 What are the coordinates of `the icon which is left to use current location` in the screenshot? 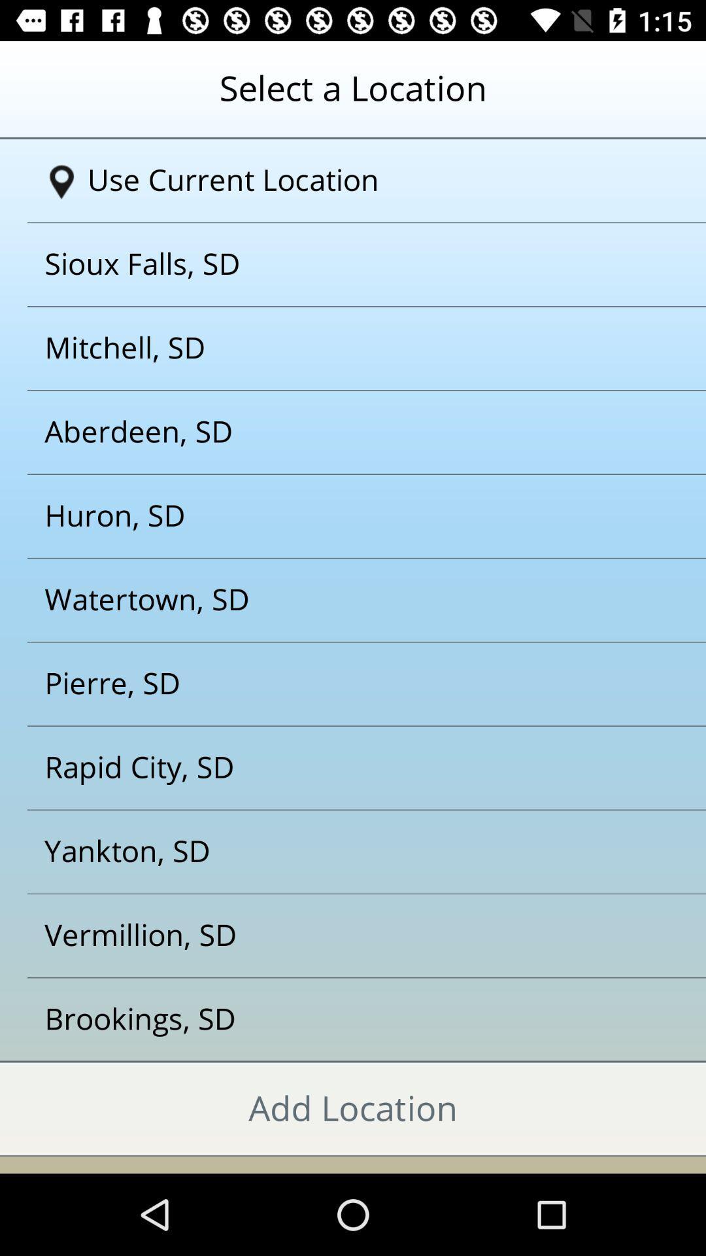 It's located at (61, 181).